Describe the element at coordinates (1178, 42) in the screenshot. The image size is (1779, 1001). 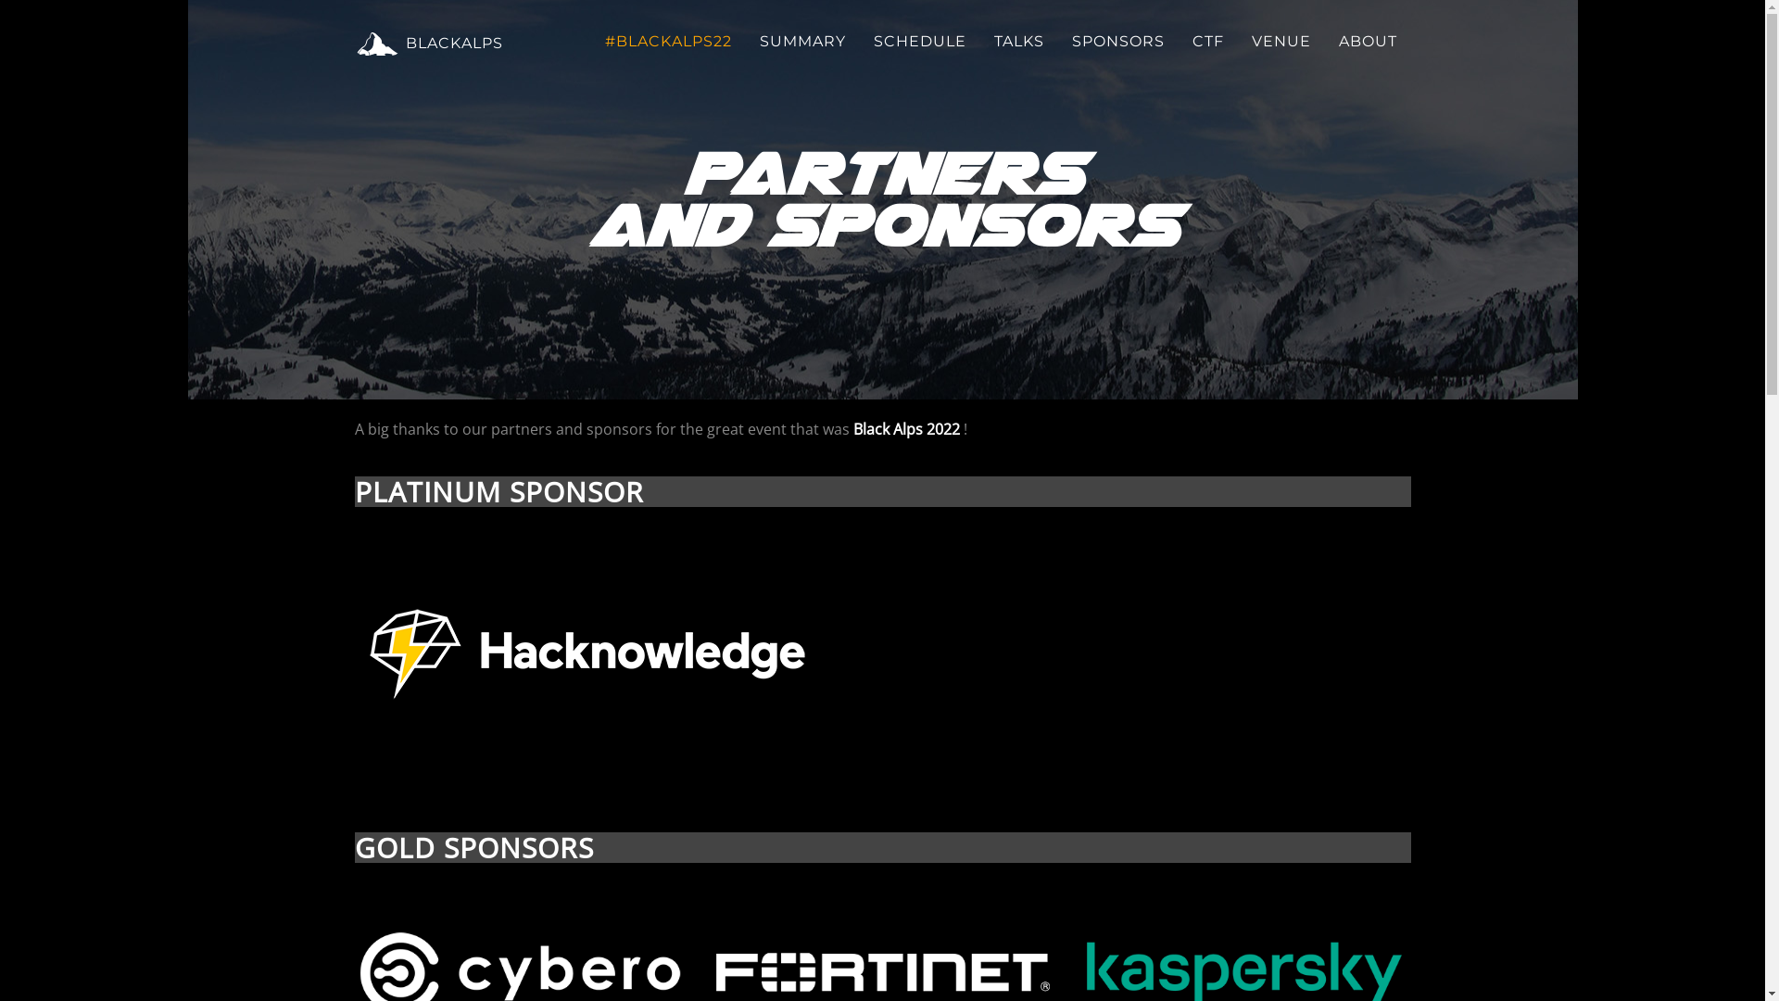
I see `'CTF'` at that location.